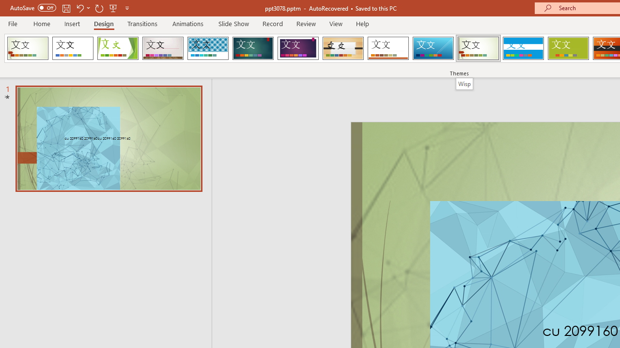  Describe the element at coordinates (72, 23) in the screenshot. I see `'Insert'` at that location.